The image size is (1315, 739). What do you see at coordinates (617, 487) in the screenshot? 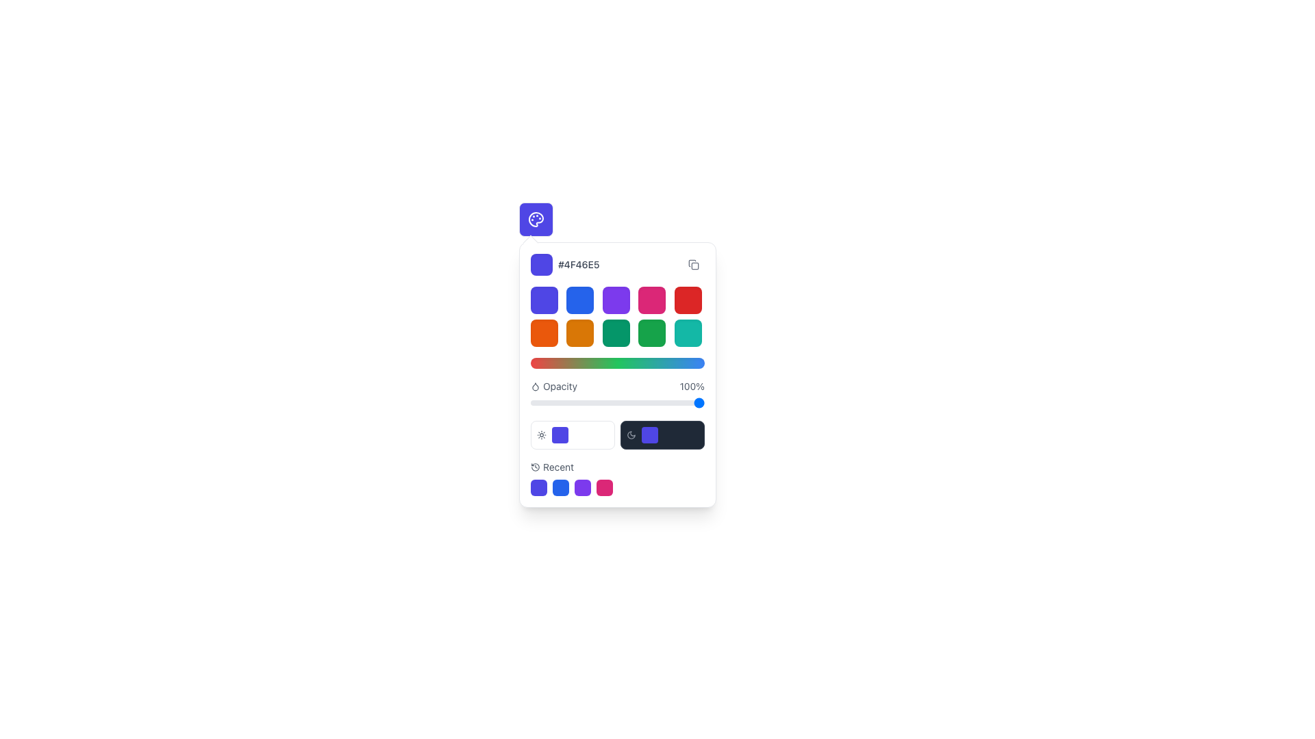
I see `the color selection row` at bounding box center [617, 487].